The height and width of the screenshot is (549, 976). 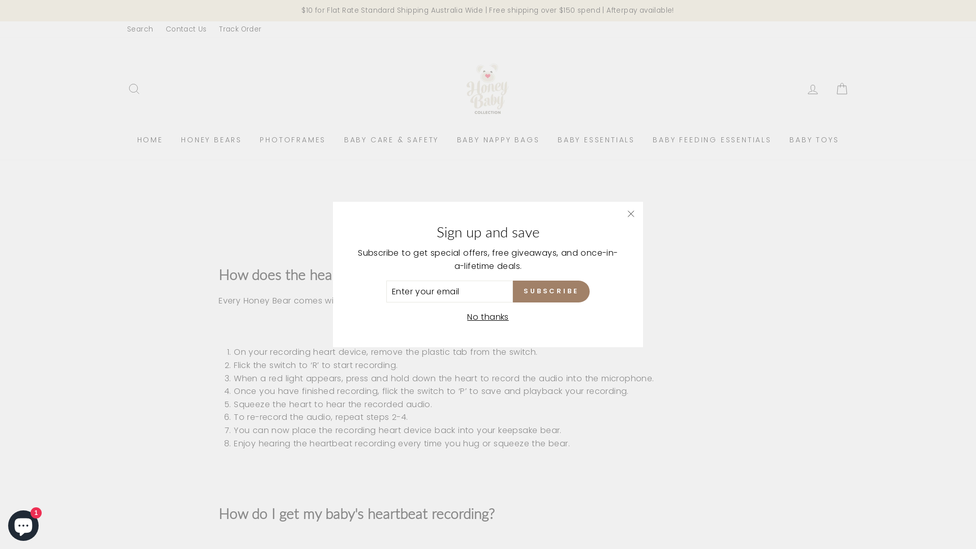 What do you see at coordinates (814, 139) in the screenshot?
I see `'BABY TOYS'` at bounding box center [814, 139].